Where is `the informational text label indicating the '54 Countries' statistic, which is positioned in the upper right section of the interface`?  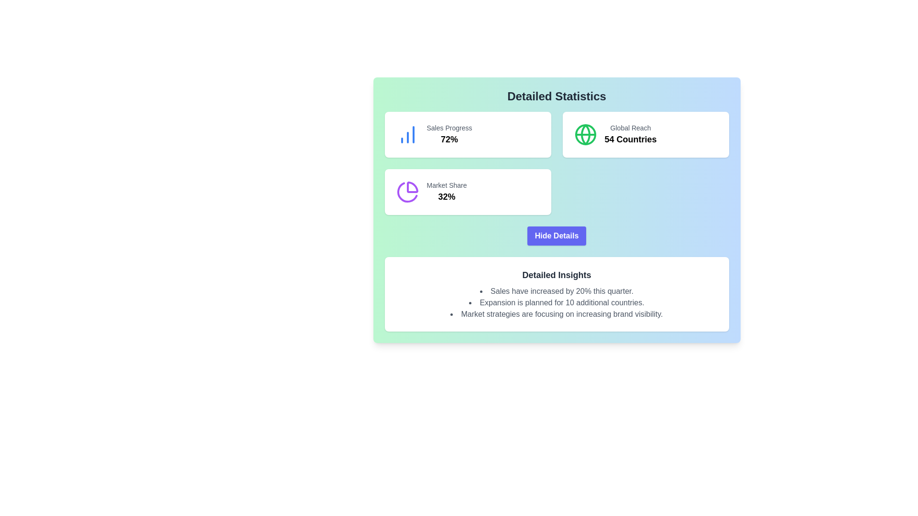
the informational text label indicating the '54 Countries' statistic, which is positioned in the upper right section of the interface is located at coordinates (631, 127).